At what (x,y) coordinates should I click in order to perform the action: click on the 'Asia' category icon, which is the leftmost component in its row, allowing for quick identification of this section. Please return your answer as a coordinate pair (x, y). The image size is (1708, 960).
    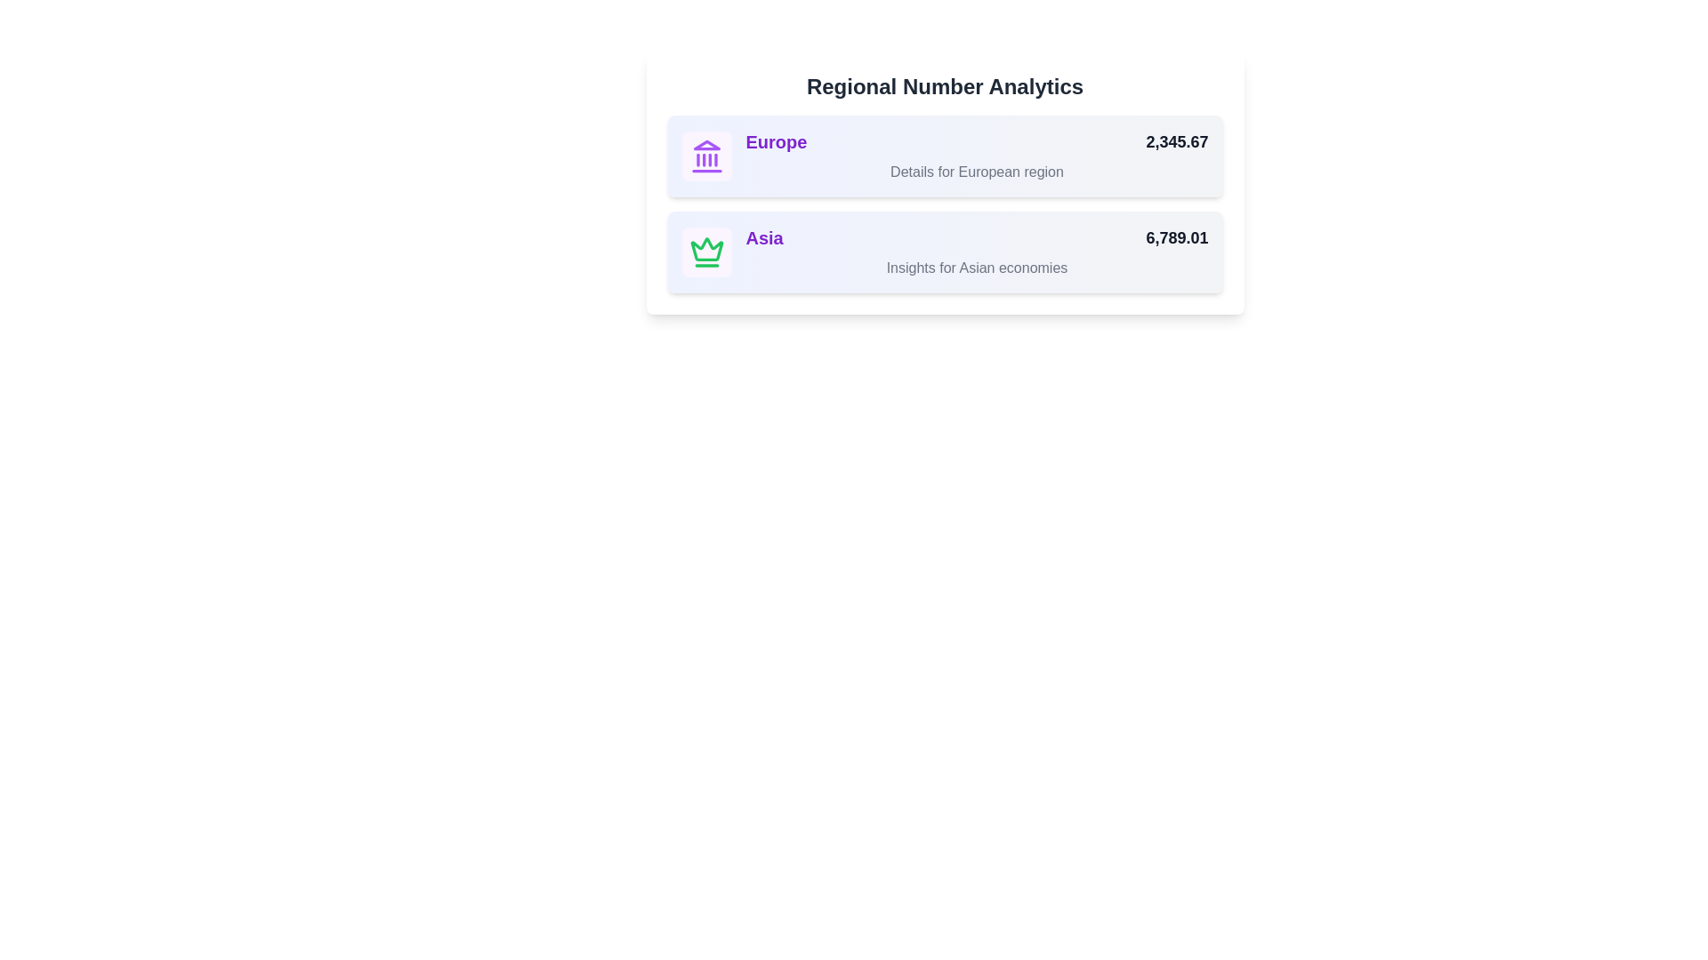
    Looking at the image, I should click on (705, 249).